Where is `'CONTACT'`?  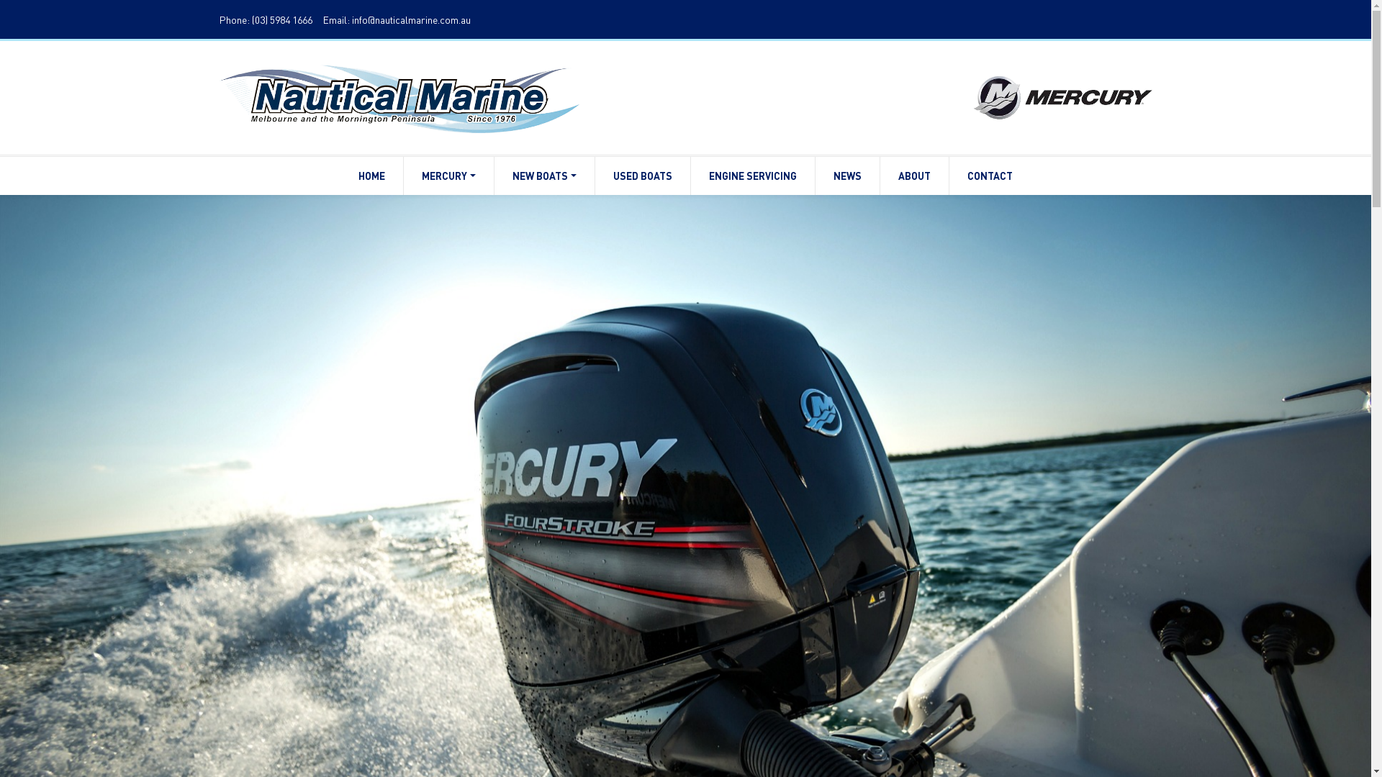
'CONTACT' is located at coordinates (989, 175).